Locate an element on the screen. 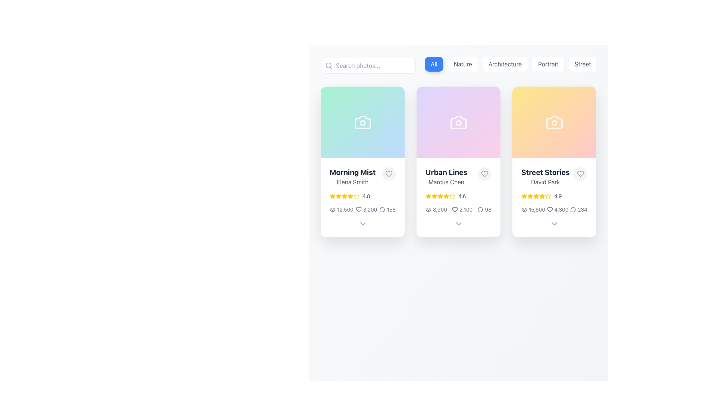 Image resolution: width=716 pixels, height=403 pixels. the middle card UI component is located at coordinates (458, 197).